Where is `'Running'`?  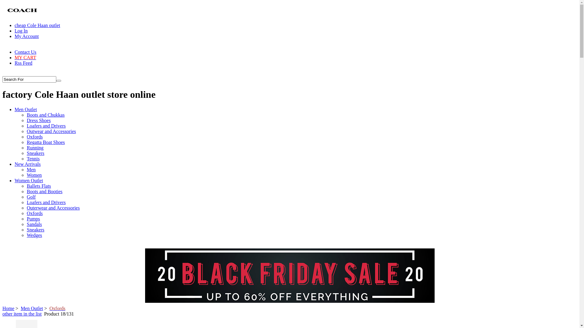 'Running' is located at coordinates (26, 148).